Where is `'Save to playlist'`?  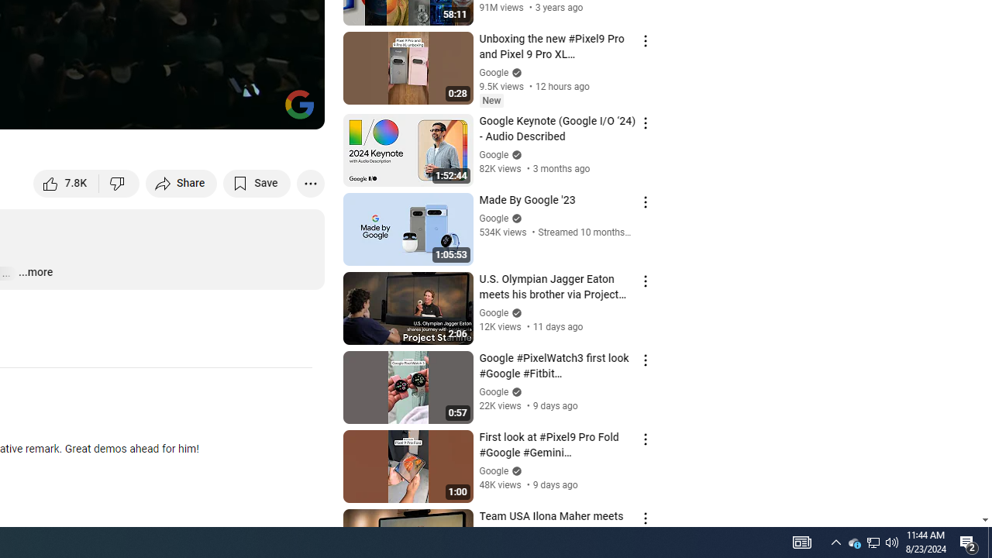
'Save to playlist' is located at coordinates (257, 182).